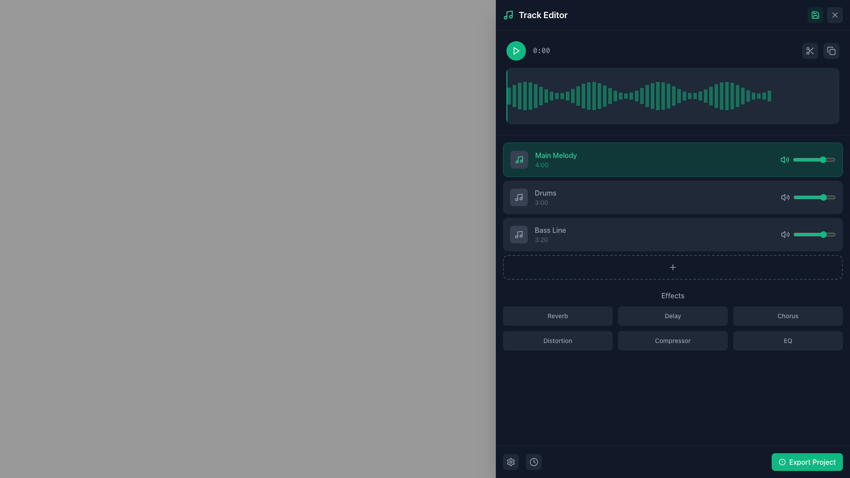 Image resolution: width=850 pixels, height=478 pixels. I want to click on the volume slider, so click(825, 160).